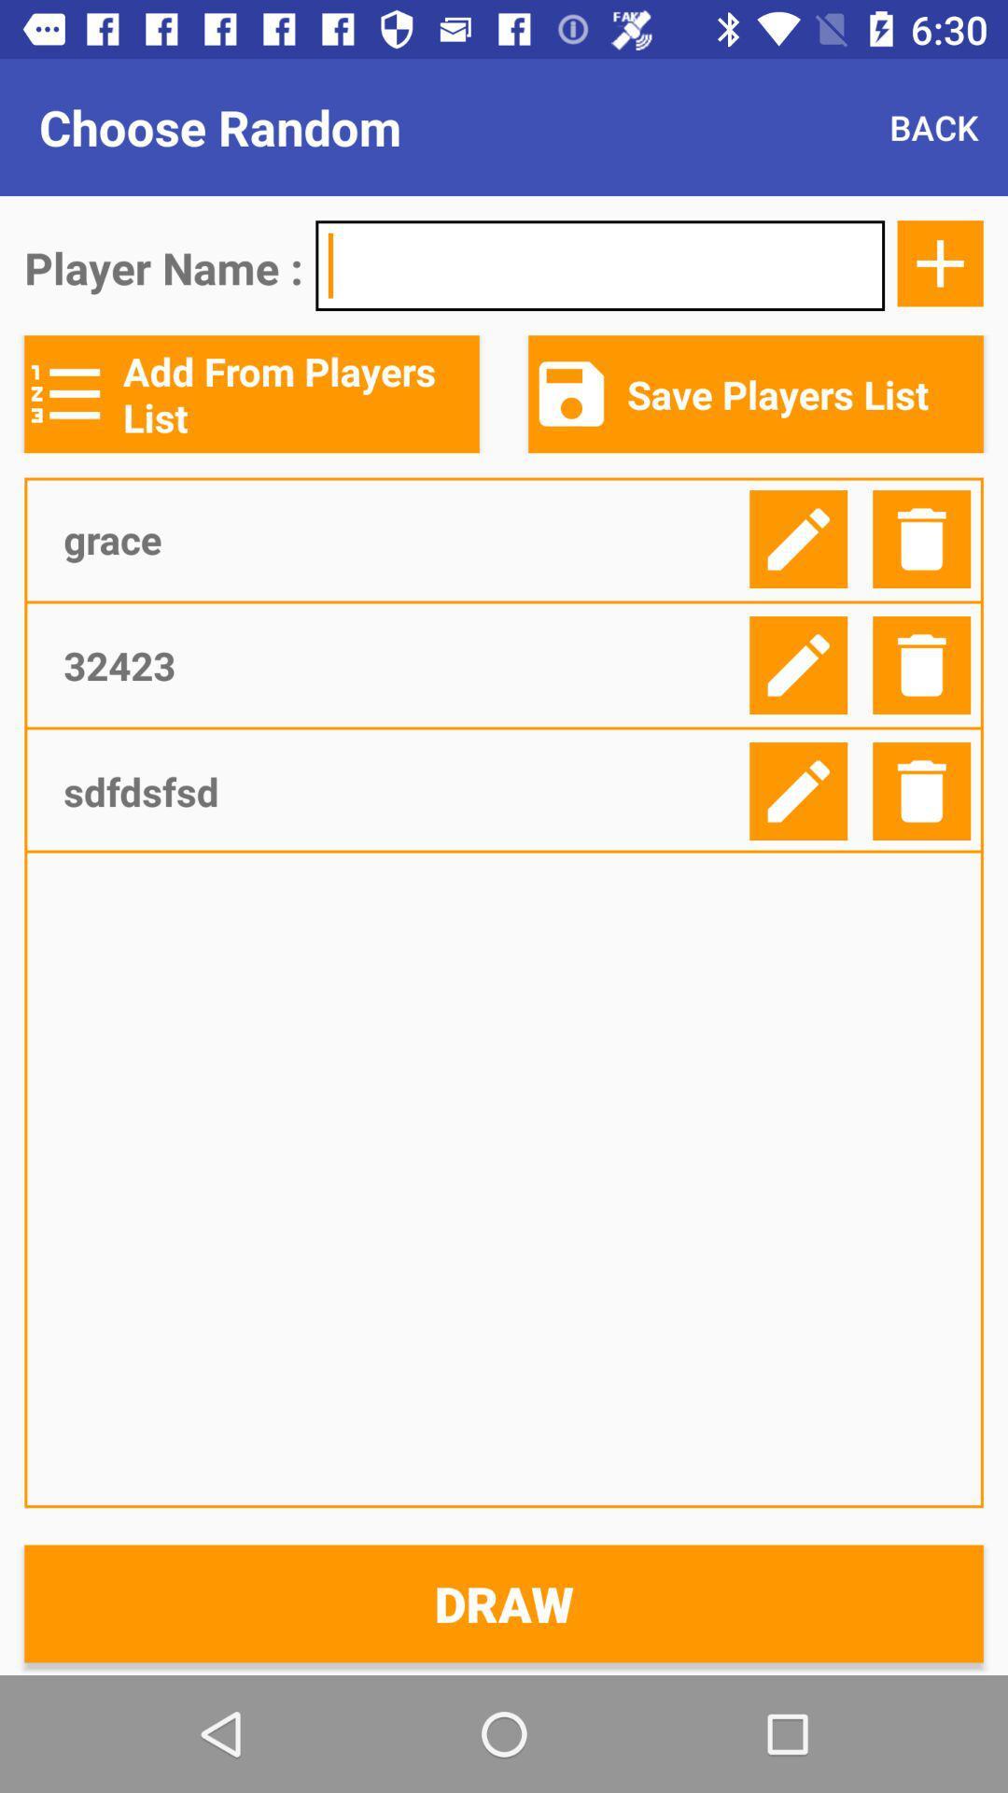 This screenshot has height=1793, width=1008. Describe the element at coordinates (399, 791) in the screenshot. I see `item above the draw` at that location.